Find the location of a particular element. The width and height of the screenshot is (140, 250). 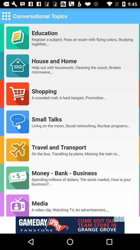

choose layout is located at coordinates (6, 15).